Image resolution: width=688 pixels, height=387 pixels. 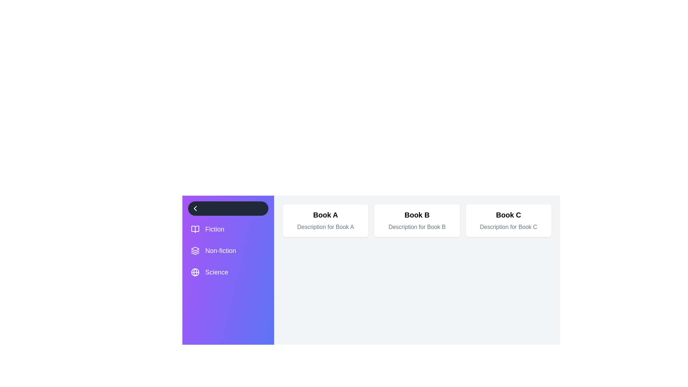 What do you see at coordinates (228, 250) in the screenshot?
I see `the category Non-fiction to select it` at bounding box center [228, 250].